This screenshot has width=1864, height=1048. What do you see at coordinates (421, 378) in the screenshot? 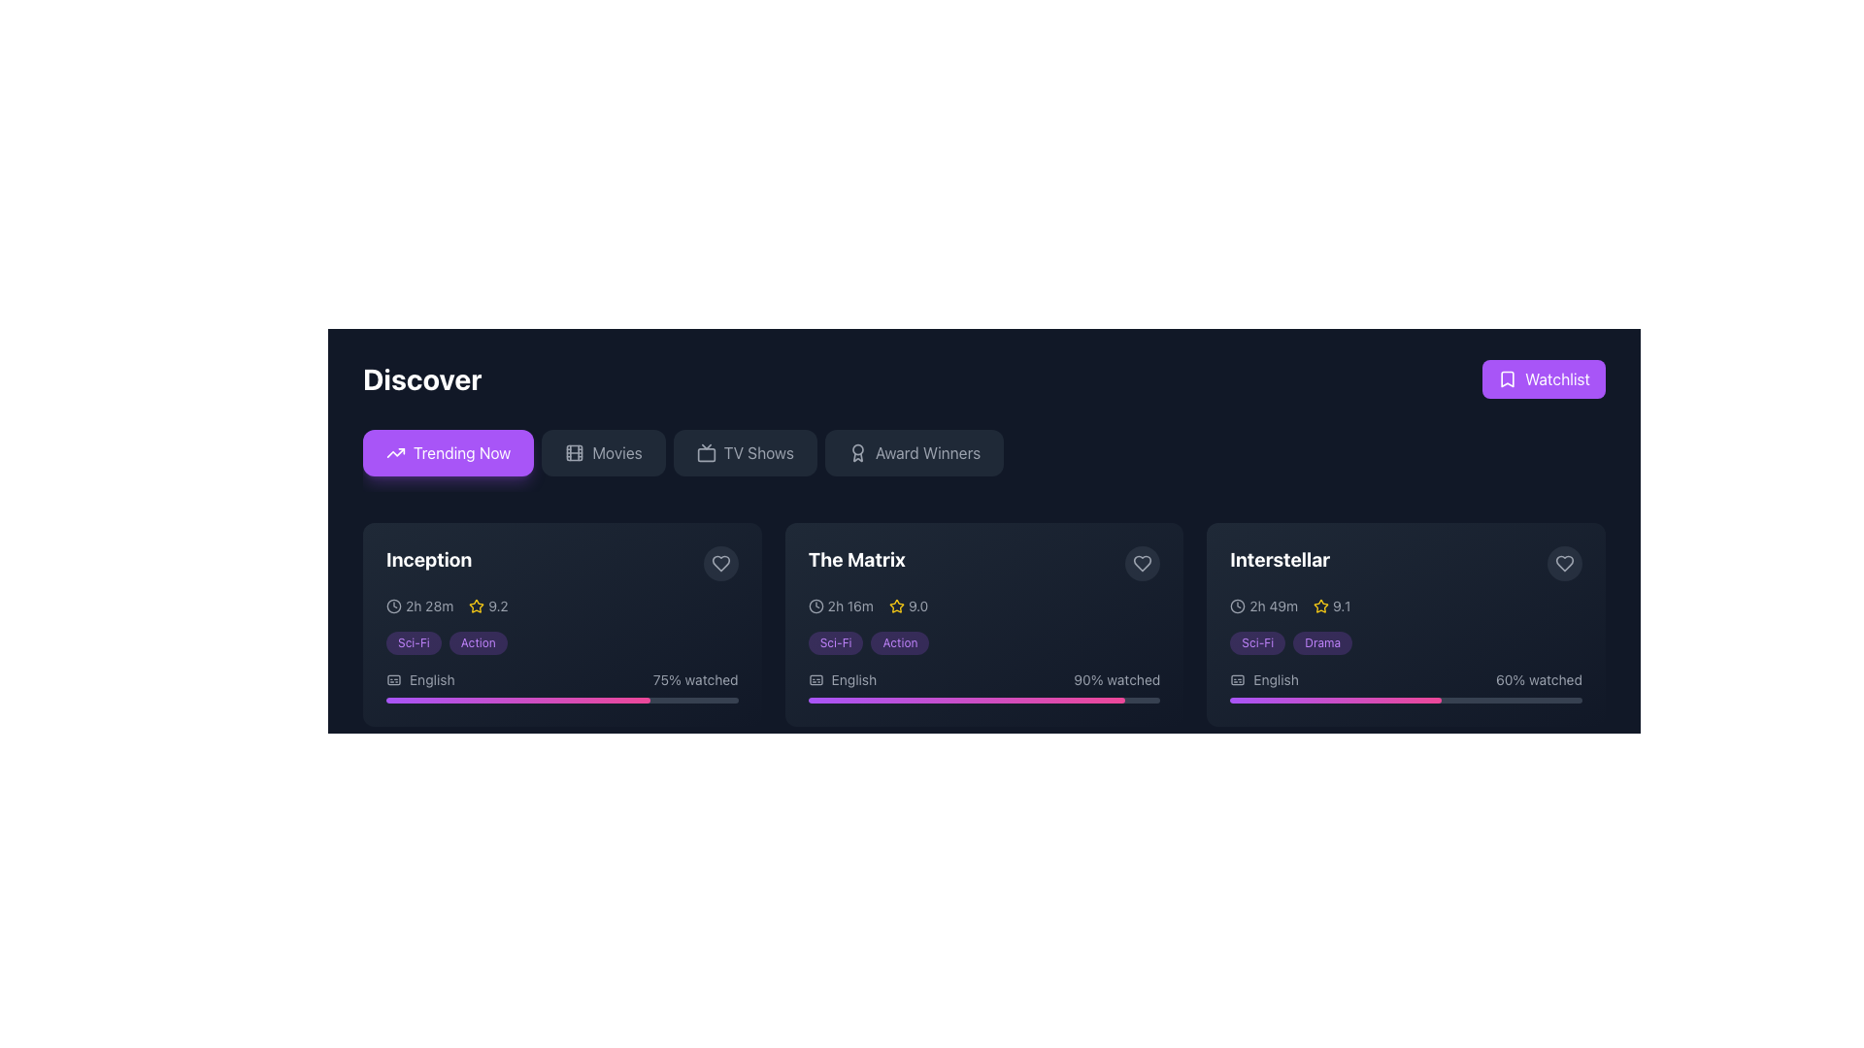
I see `the Text Label that serves as a static display of text, indicating a title or heading, located in the upper-left region of the interface layout` at bounding box center [421, 378].